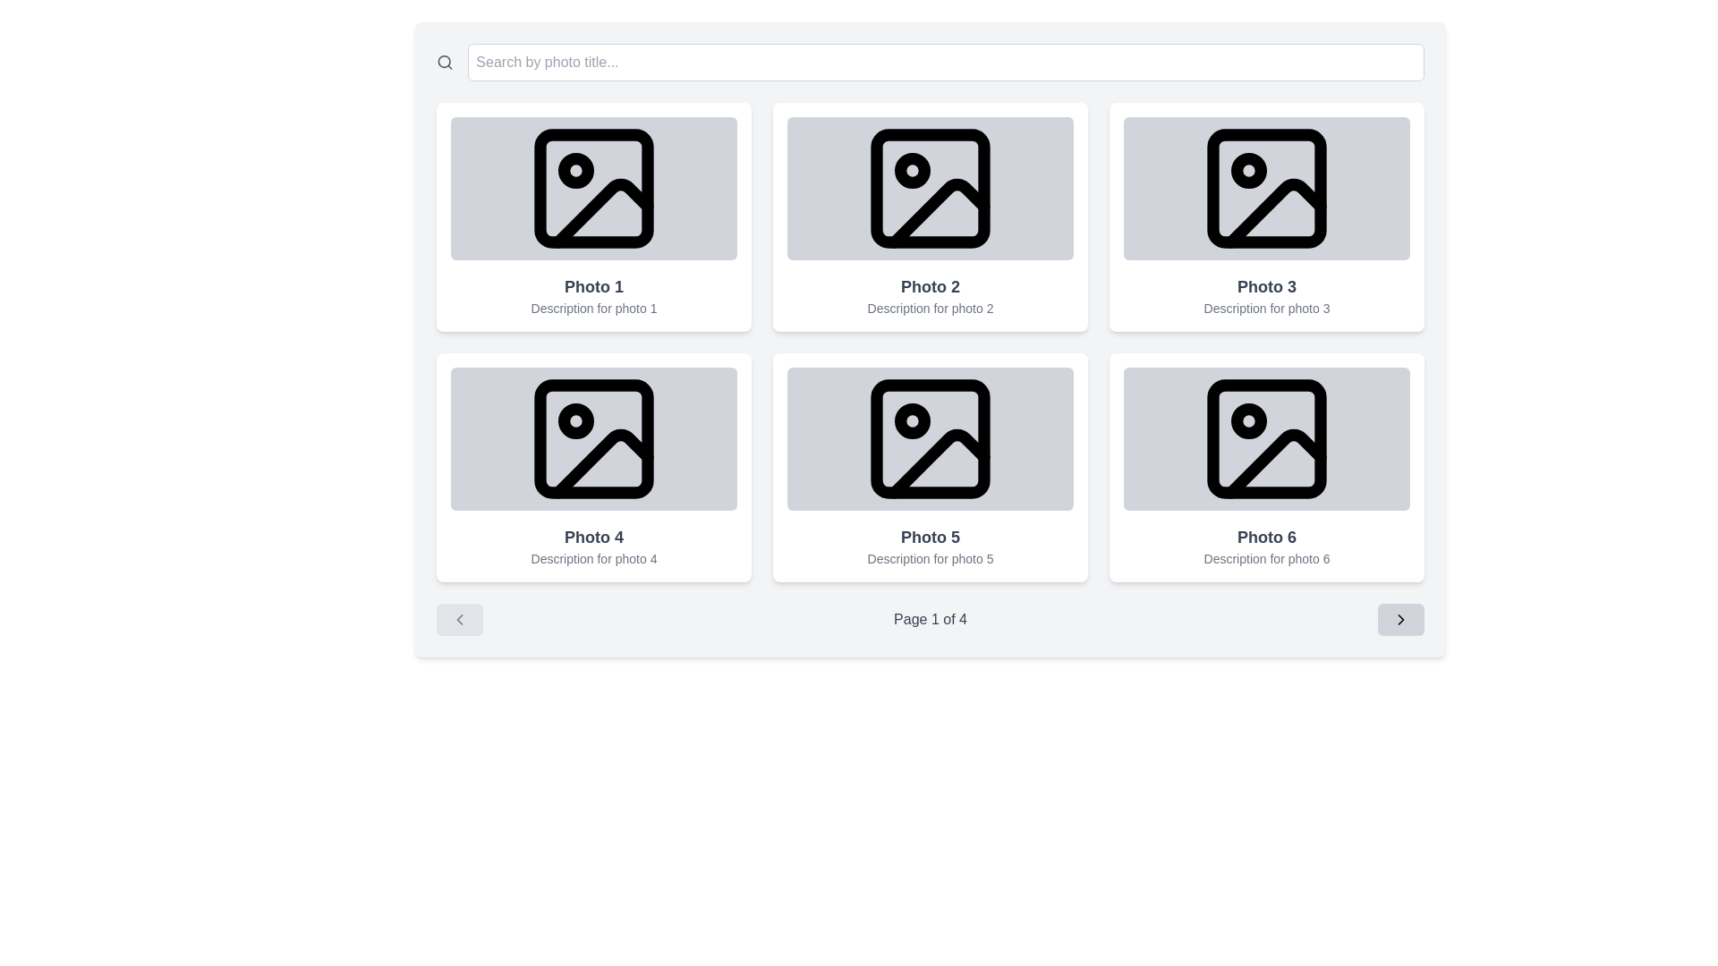 The width and height of the screenshot is (1718, 966). What do you see at coordinates (931, 307) in the screenshot?
I see `the text label displaying 'Description for photo 2', which is styled in light gray font and located below the title 'Photo 2' in the card structure of the second column, first row of the grid layout` at bounding box center [931, 307].